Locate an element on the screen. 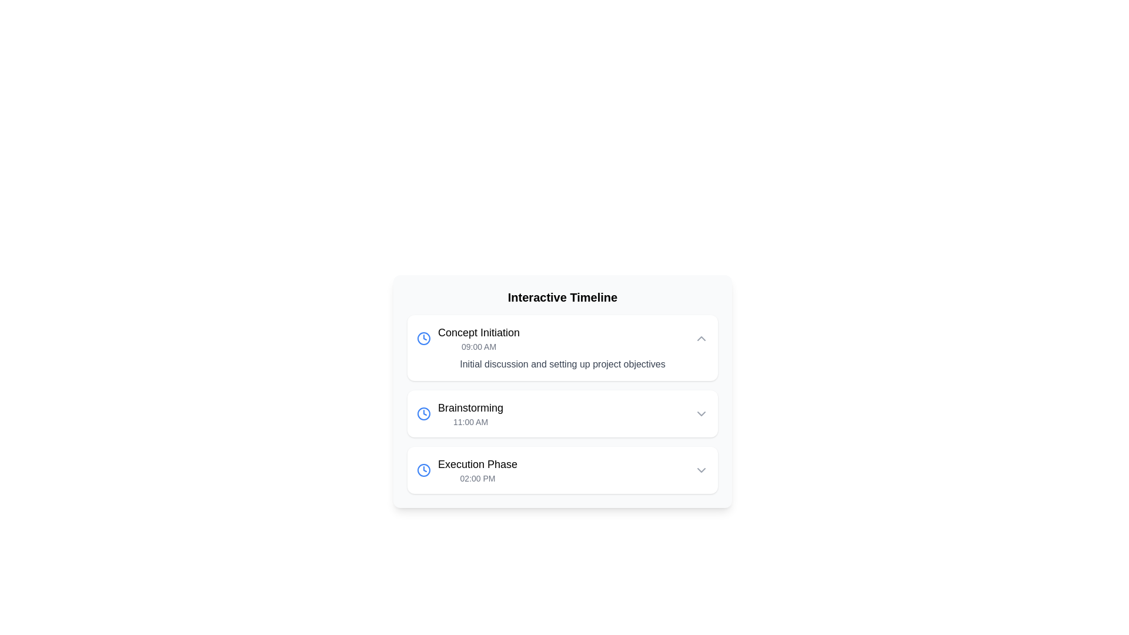 This screenshot has height=635, width=1129. the 'Concept Initiation' text label with a blue clock icon, which is the first item in the 'Interactive Timeline' list is located at coordinates (467, 338).